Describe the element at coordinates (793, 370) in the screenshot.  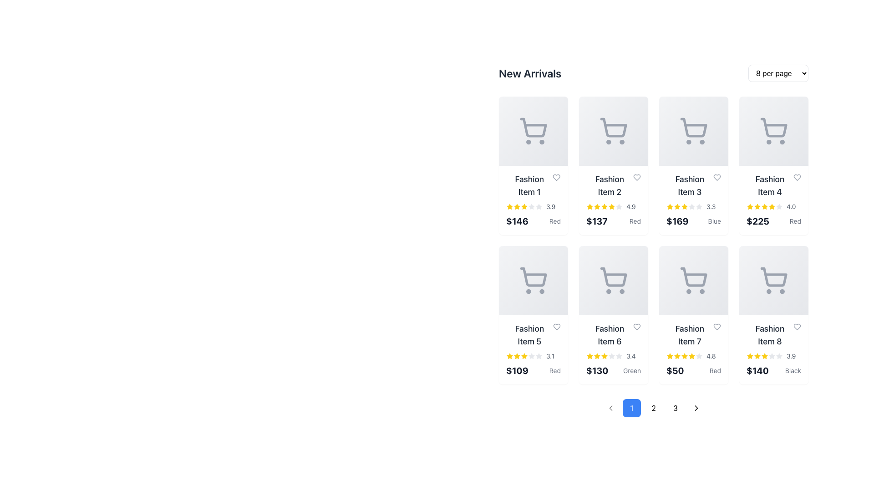
I see `the text label displaying 'Black', which is styled in small gray font and positioned to the right of the price label '$140', located under the 'Fashion Item 8' product card in the last column of the grid layout` at that location.